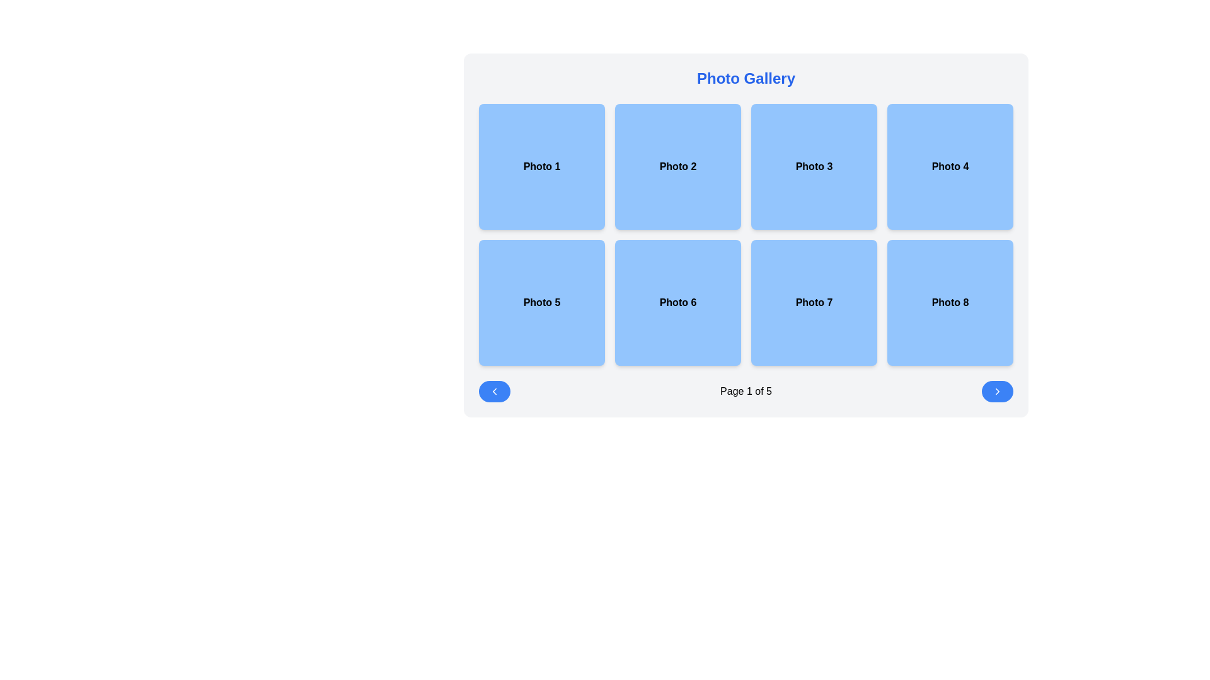 The image size is (1210, 680). I want to click on the blue circular button located at the bottom-right corner of the interface, which contains a chevron graphic, so click(997, 390).